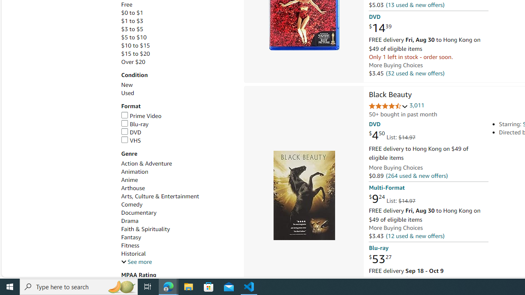 The width and height of the screenshot is (525, 295). I want to click on '(32 used & new offers)', so click(415, 73).